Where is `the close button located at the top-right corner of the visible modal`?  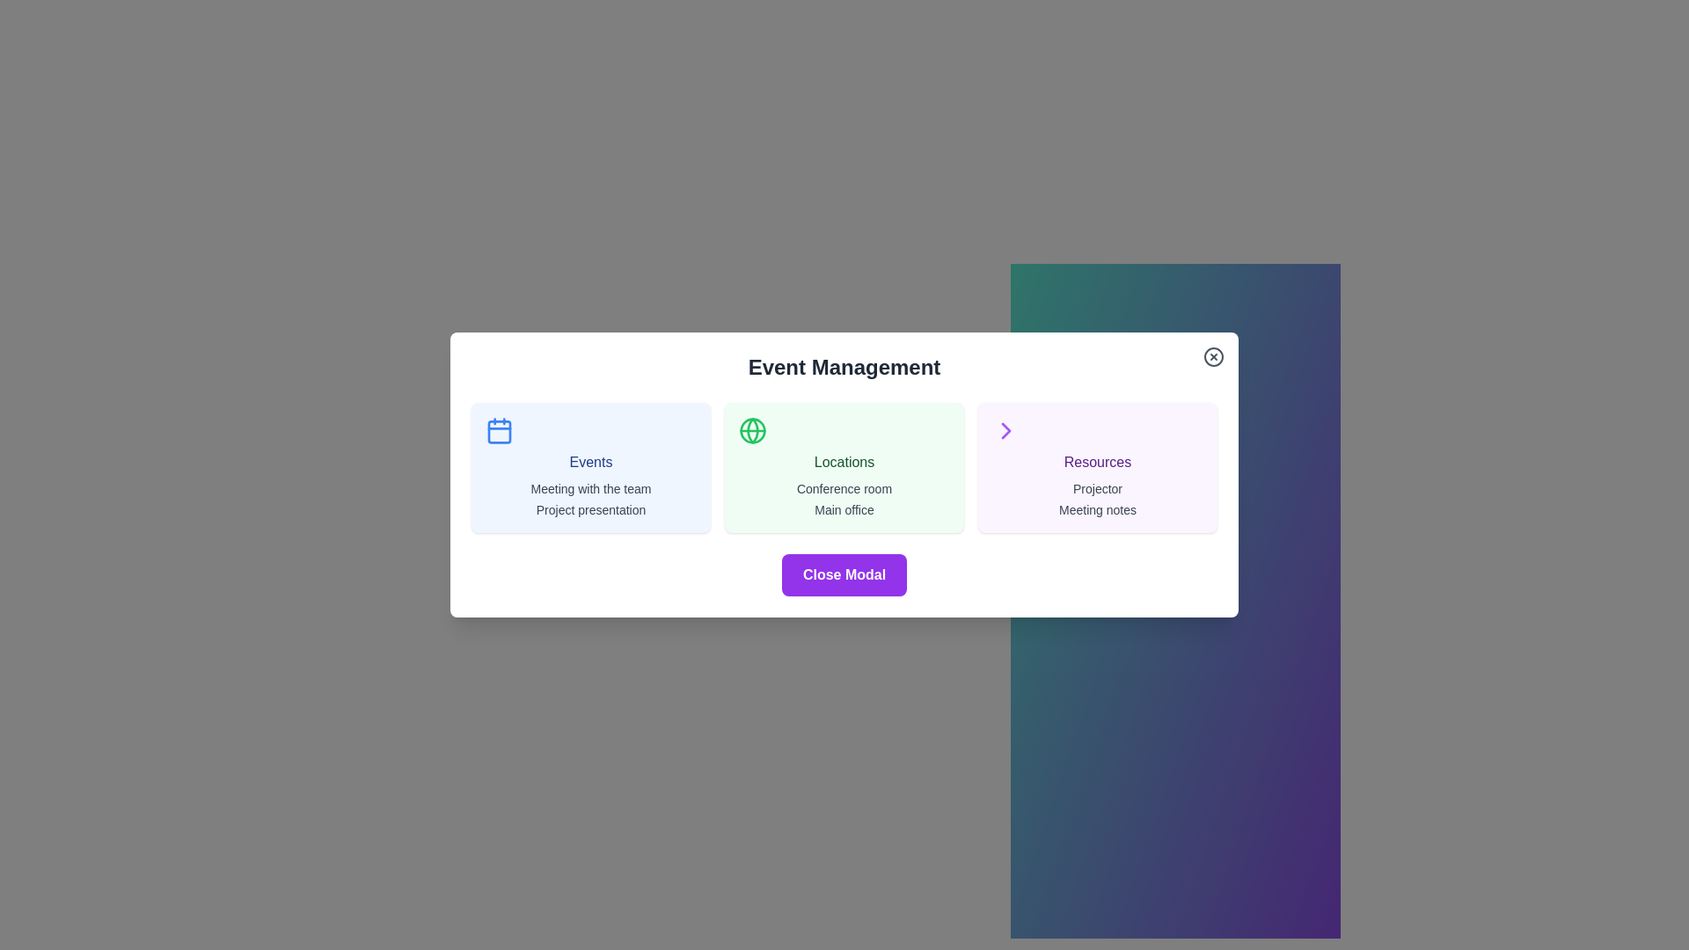
the close button located at the top-right corner of the visible modal is located at coordinates (1213, 356).